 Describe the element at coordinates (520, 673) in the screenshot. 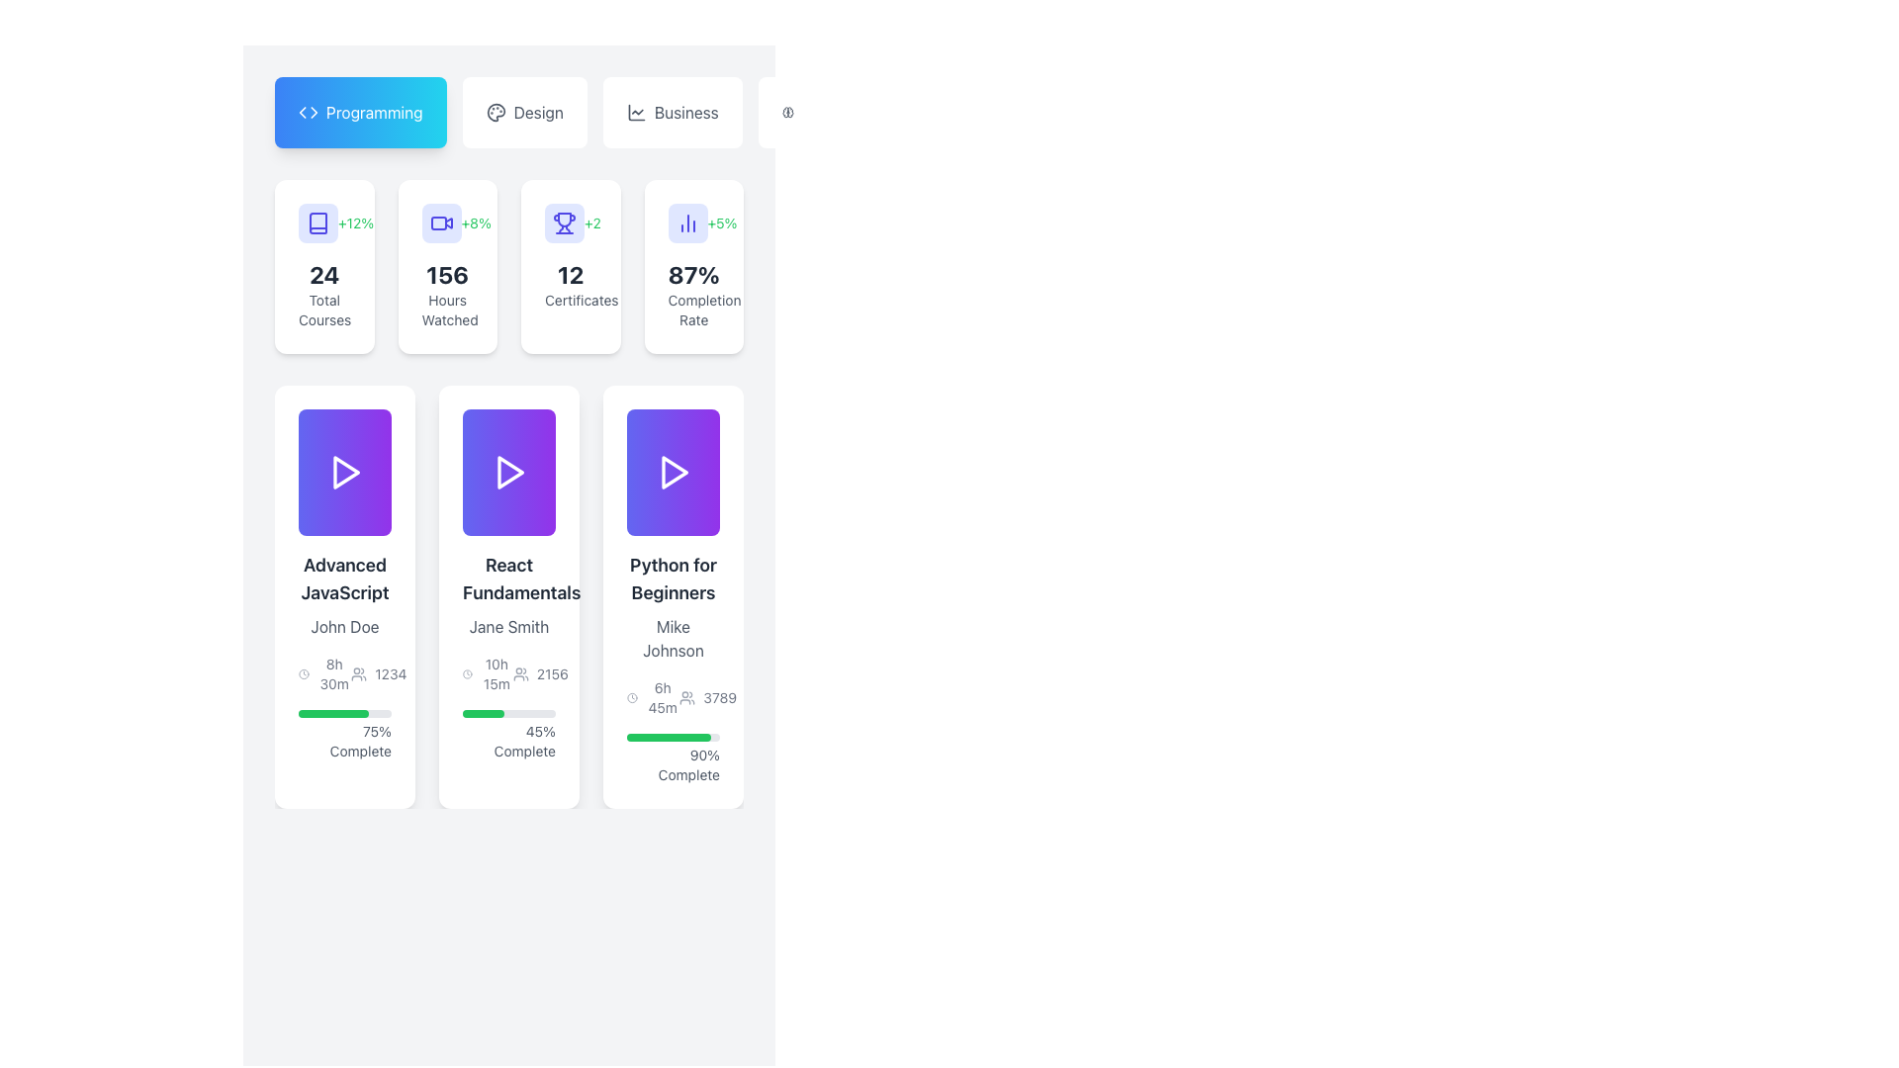

I see `the small gray icon representing a group of people located next to the number '2156' in the second card` at that location.